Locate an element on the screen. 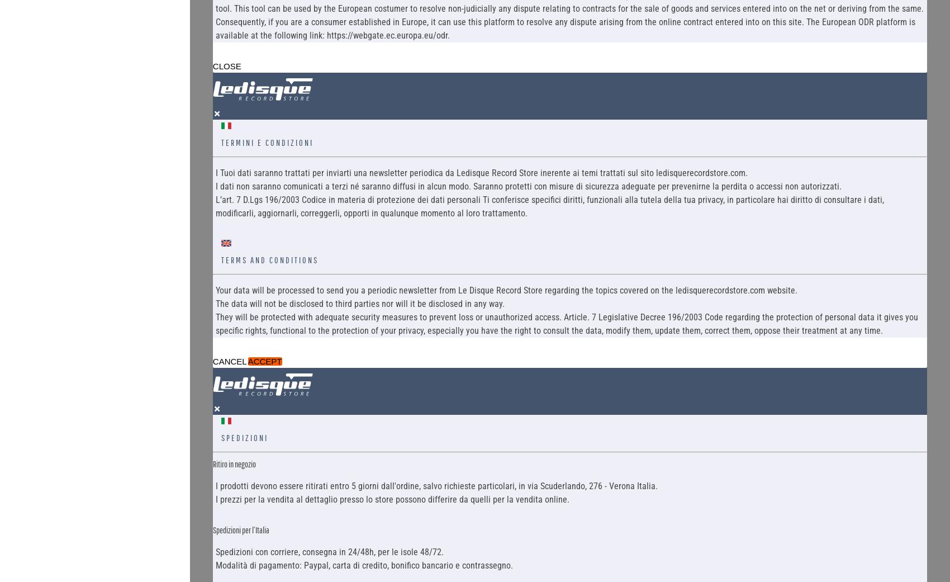 The width and height of the screenshot is (950, 582). 'The data will not be disclosed to third parties nor will it be disclosed in any way.' is located at coordinates (215, 303).